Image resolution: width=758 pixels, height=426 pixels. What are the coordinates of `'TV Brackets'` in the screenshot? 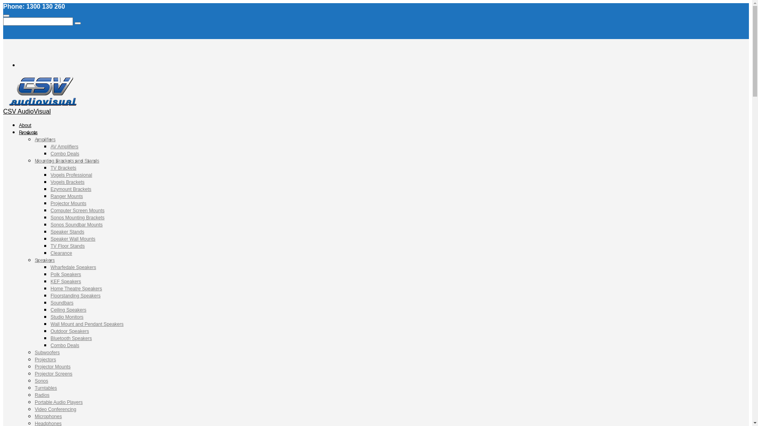 It's located at (63, 167).